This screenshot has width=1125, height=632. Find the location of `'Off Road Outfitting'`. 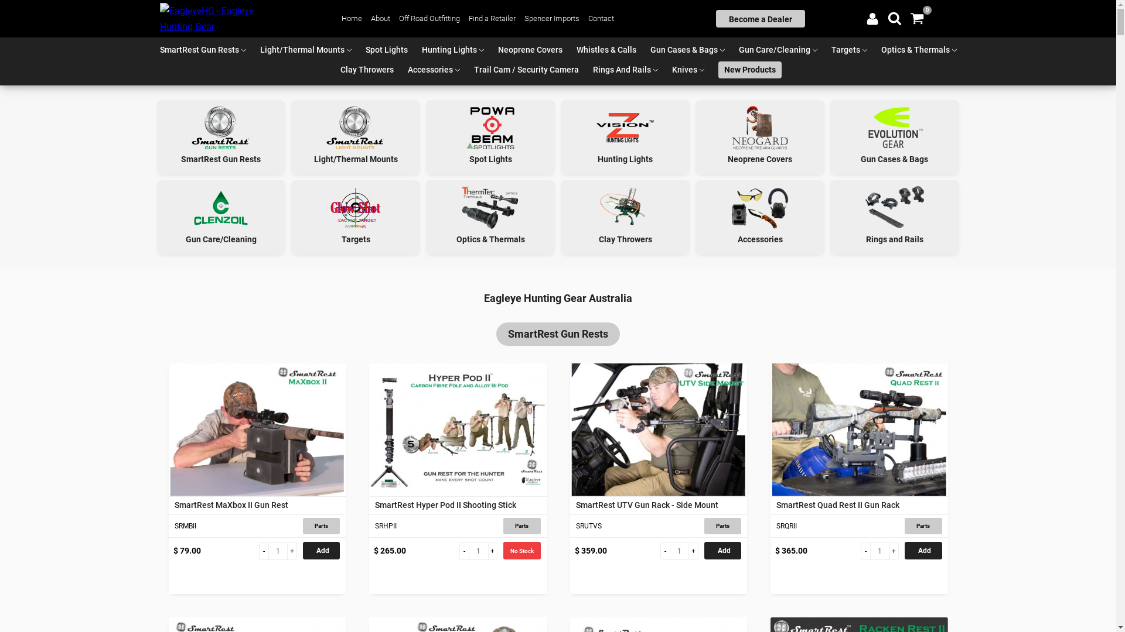

'Off Road Outfitting' is located at coordinates (399, 18).